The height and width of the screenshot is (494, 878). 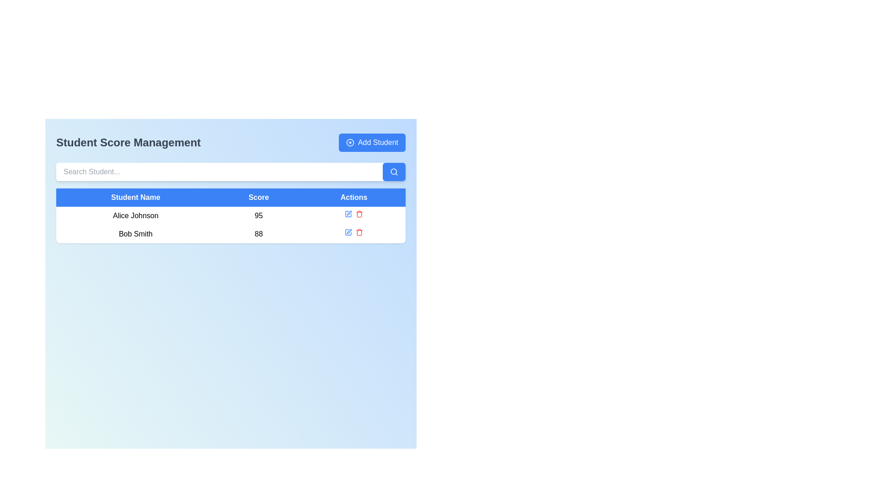 I want to click on the delete icon located as the second action button in the rightmost column labeled 'Actions' of the data table, so click(x=359, y=214).